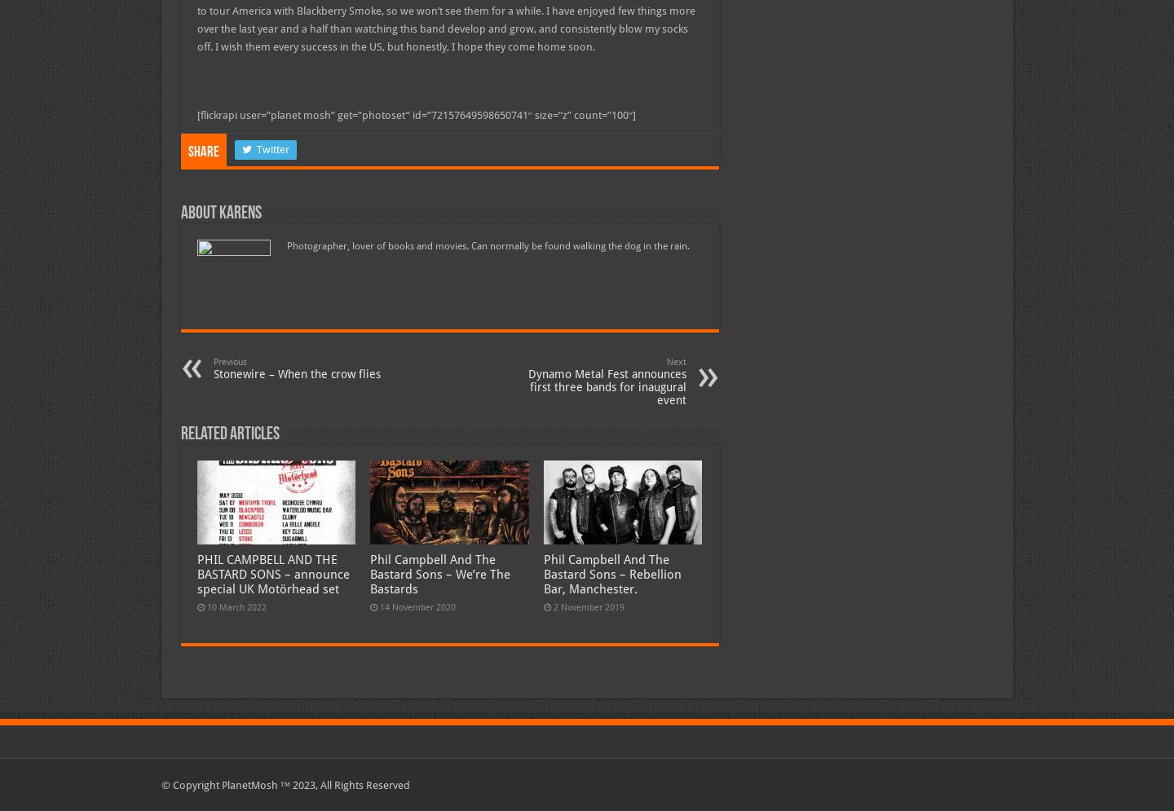 The image size is (1174, 811). I want to click on '14 November 2020', so click(417, 606).